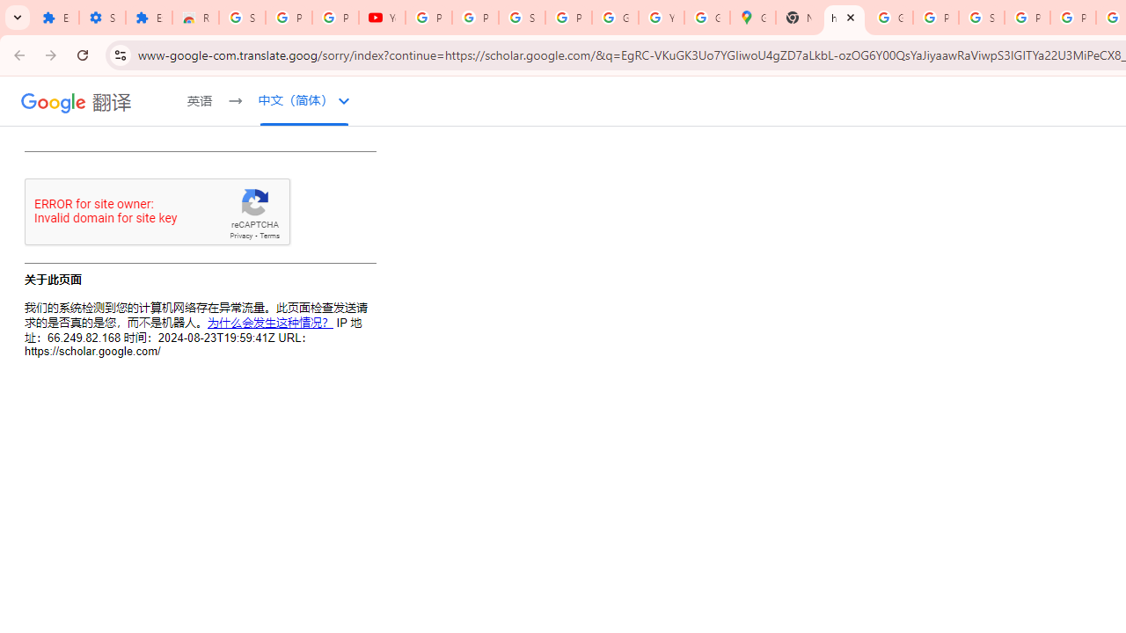  I want to click on 'Settings', so click(101, 18).